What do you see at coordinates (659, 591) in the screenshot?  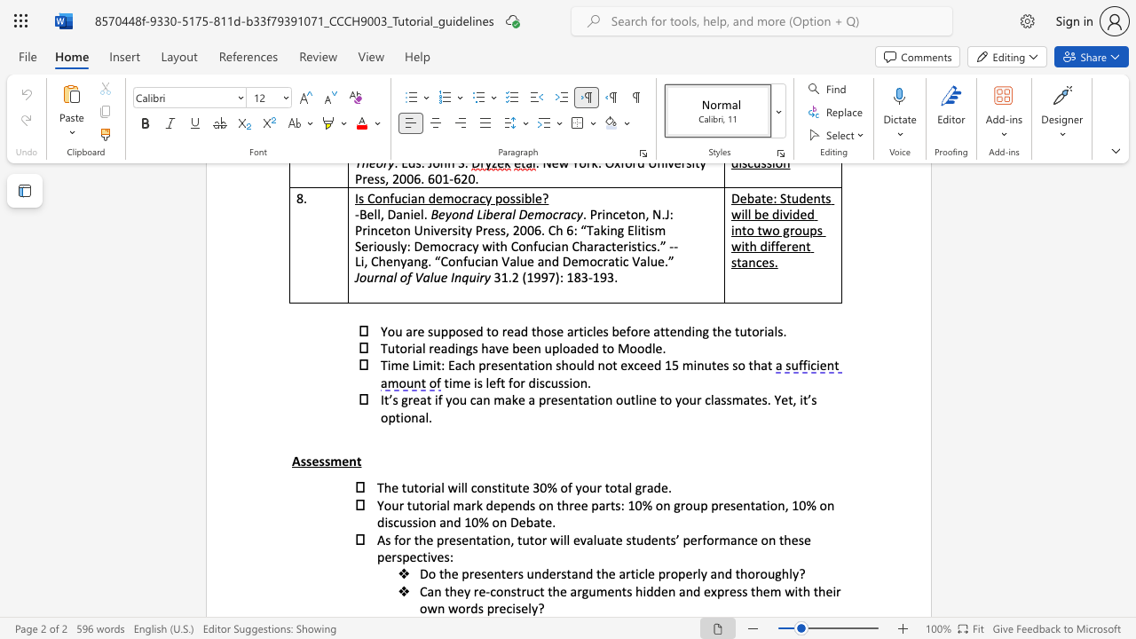 I see `the subset text "en and exp" within the text "Can they re-construct the arguments hidden and express them with their own words precisely?"` at bounding box center [659, 591].